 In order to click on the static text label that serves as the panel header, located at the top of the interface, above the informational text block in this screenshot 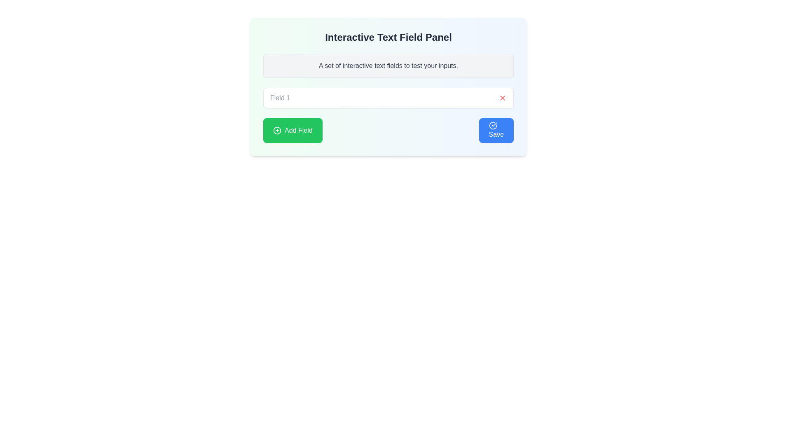, I will do `click(388, 37)`.